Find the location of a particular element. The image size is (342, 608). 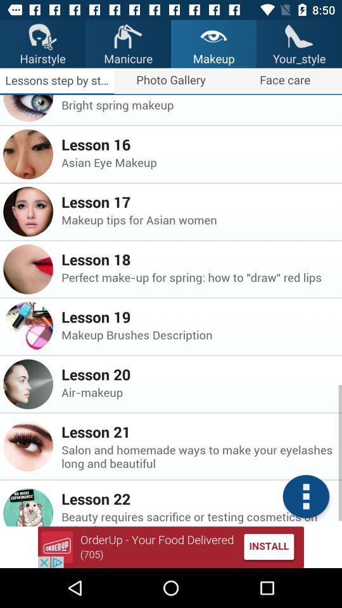

advatisment is located at coordinates (171, 547).